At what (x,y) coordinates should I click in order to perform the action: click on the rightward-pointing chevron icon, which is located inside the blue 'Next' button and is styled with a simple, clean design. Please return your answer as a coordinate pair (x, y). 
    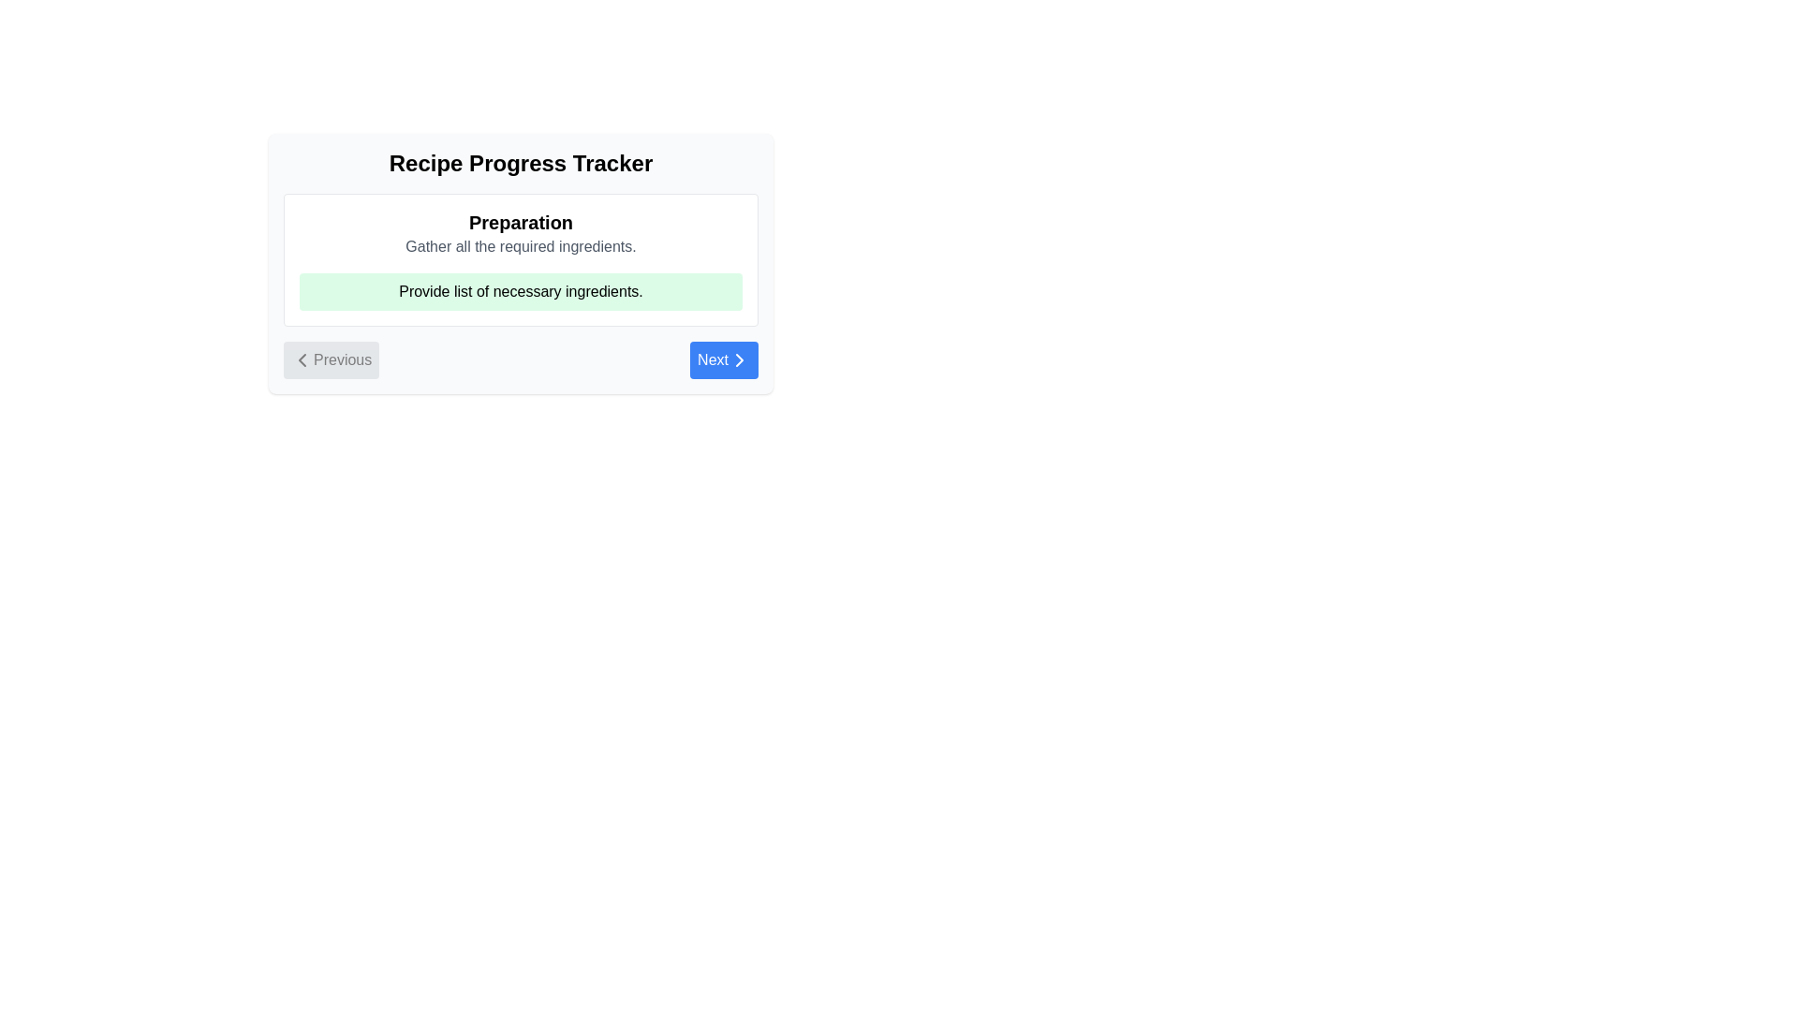
    Looking at the image, I should click on (739, 360).